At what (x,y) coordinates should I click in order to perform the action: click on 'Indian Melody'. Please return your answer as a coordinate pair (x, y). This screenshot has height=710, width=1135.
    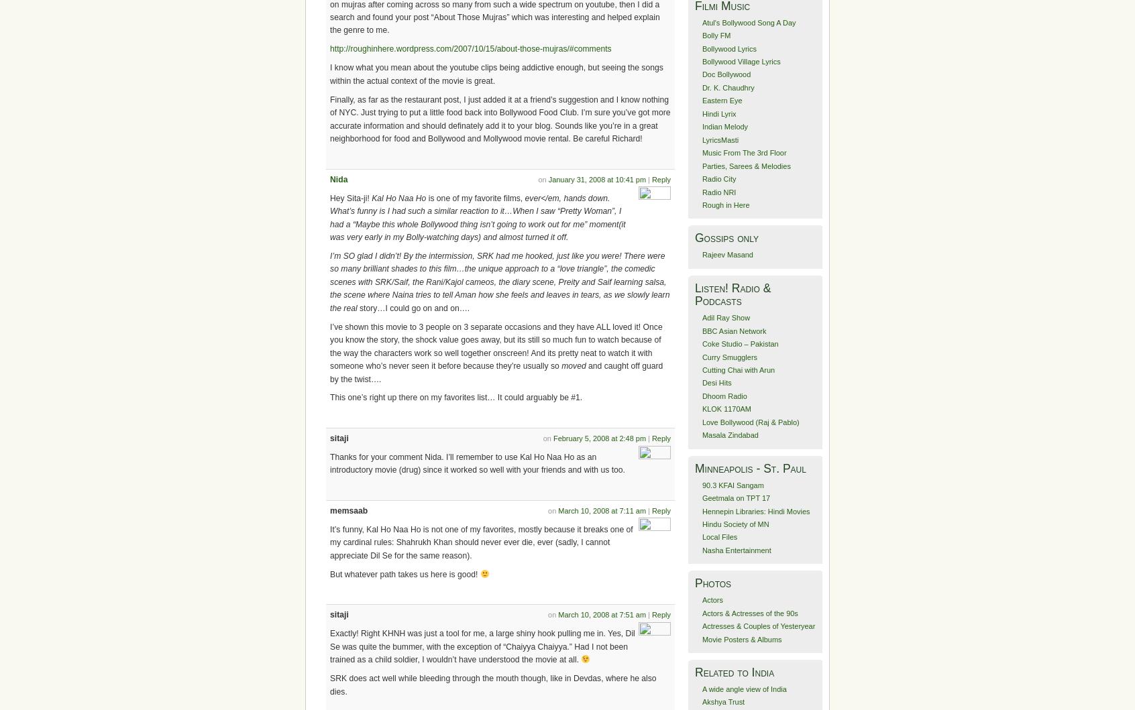
    Looking at the image, I should click on (724, 126).